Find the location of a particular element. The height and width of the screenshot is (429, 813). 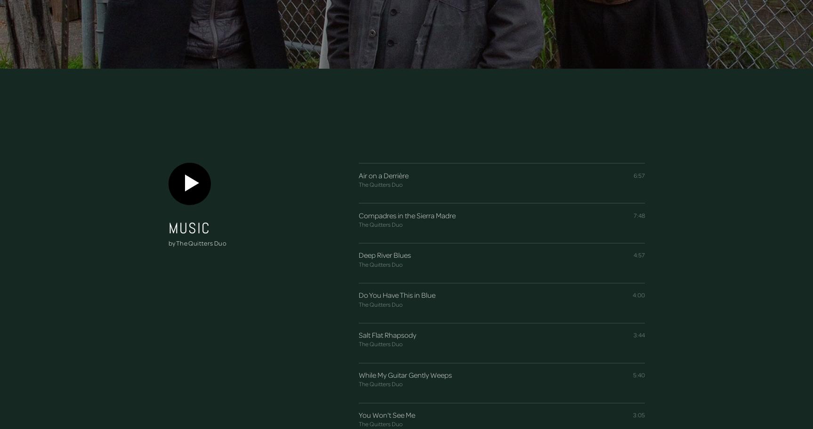

'3:05' is located at coordinates (638, 414).